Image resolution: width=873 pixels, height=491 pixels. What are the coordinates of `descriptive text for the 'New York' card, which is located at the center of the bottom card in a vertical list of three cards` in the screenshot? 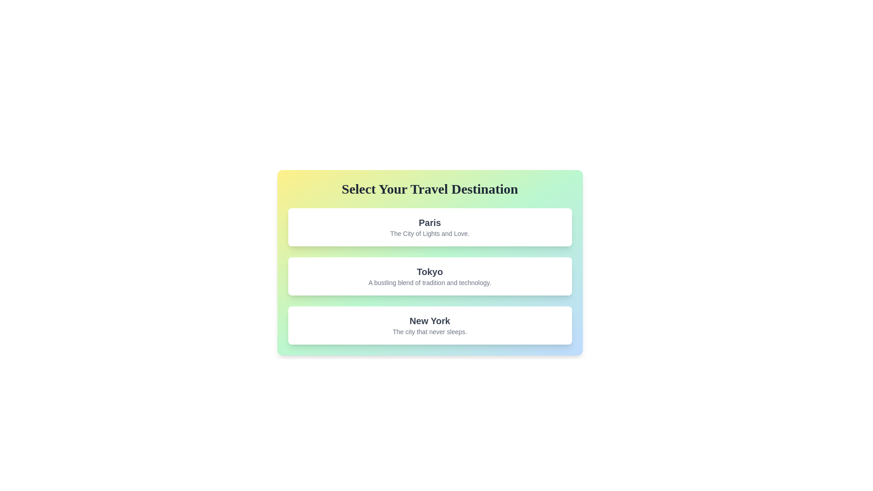 It's located at (429, 325).